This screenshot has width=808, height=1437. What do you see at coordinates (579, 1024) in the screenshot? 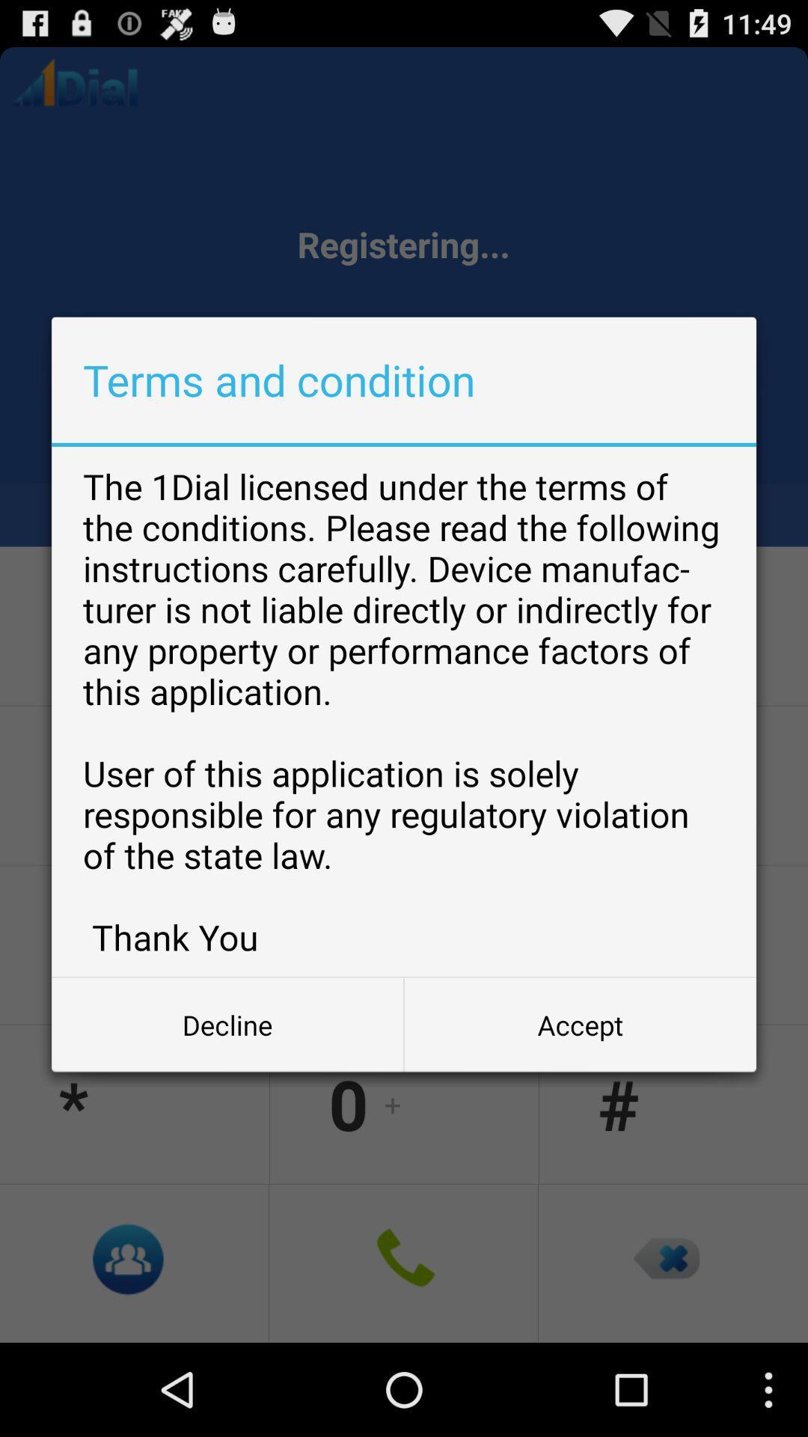
I see `the button to the right of decline button` at bounding box center [579, 1024].